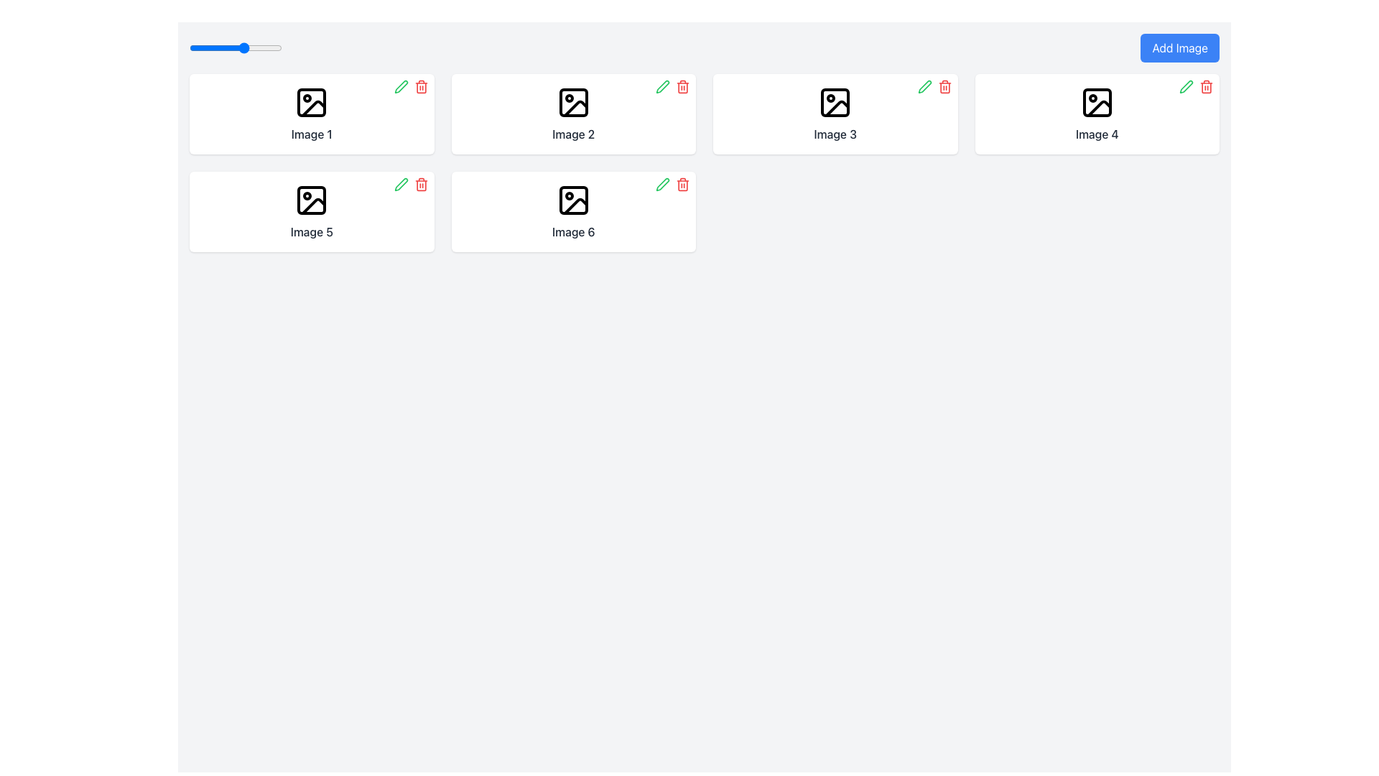 The image size is (1379, 776). Describe the element at coordinates (572, 200) in the screenshot. I see `the icon element depicting an image with a small circular detail in its top-left corner, which is part of the 'Image 6' card located in the bottom-right position of a 2x3 grid layout` at that location.